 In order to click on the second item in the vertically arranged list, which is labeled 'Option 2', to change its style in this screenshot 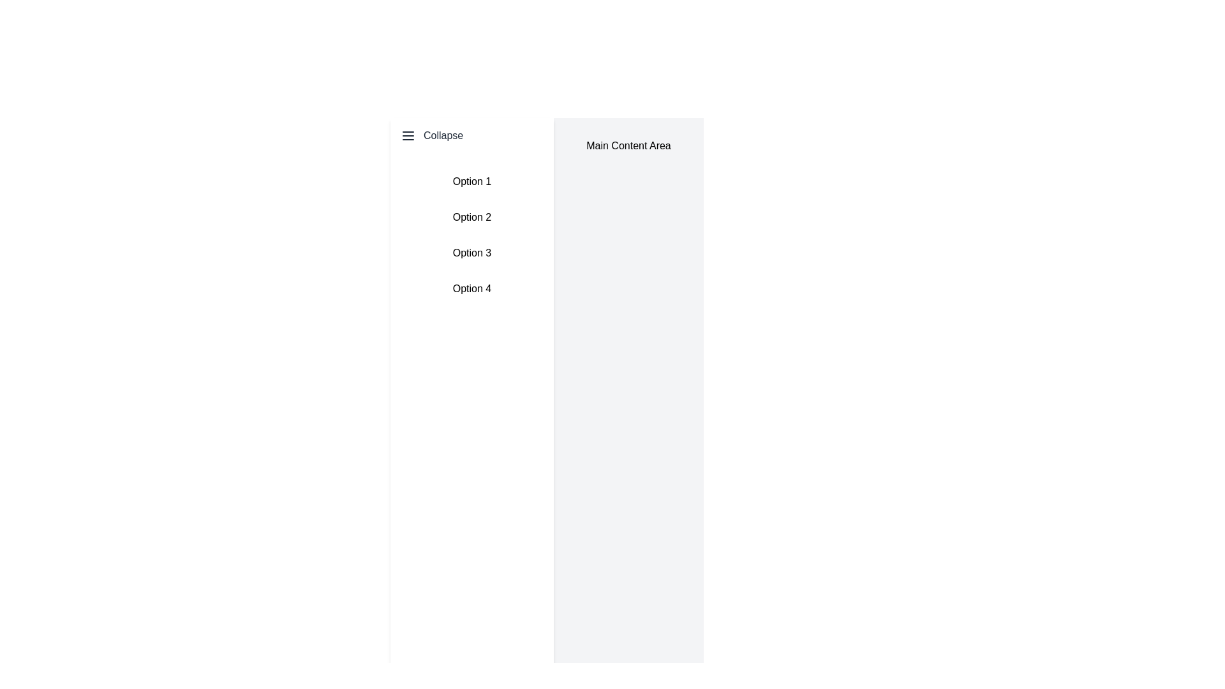, I will do `click(471, 216)`.